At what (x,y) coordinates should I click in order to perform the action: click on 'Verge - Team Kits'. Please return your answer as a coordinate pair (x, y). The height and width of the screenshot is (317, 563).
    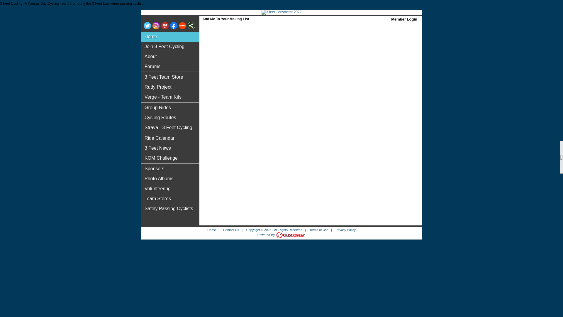
    Looking at the image, I should click on (142, 97).